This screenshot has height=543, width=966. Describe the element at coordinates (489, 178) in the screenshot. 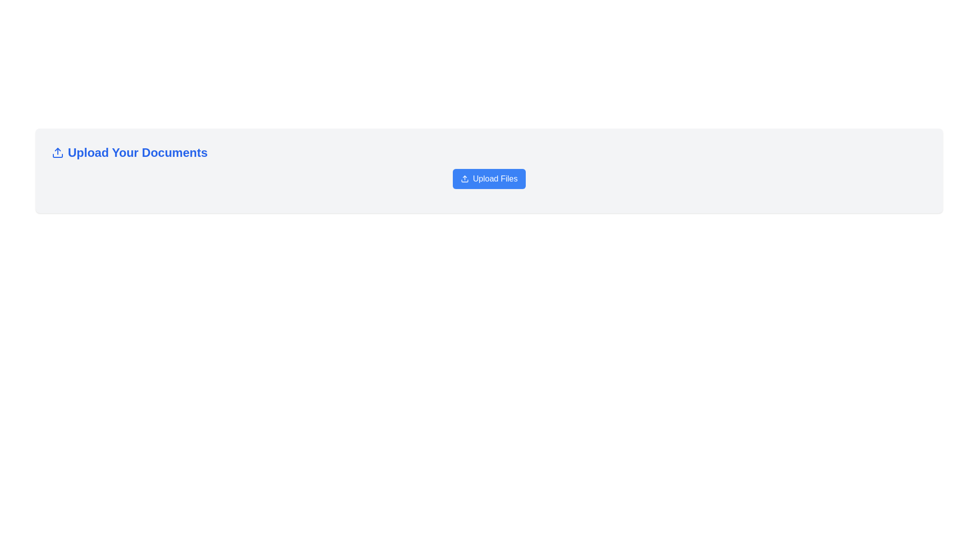

I see `the blue button with rounded corners labeled 'Upload Files'` at that location.